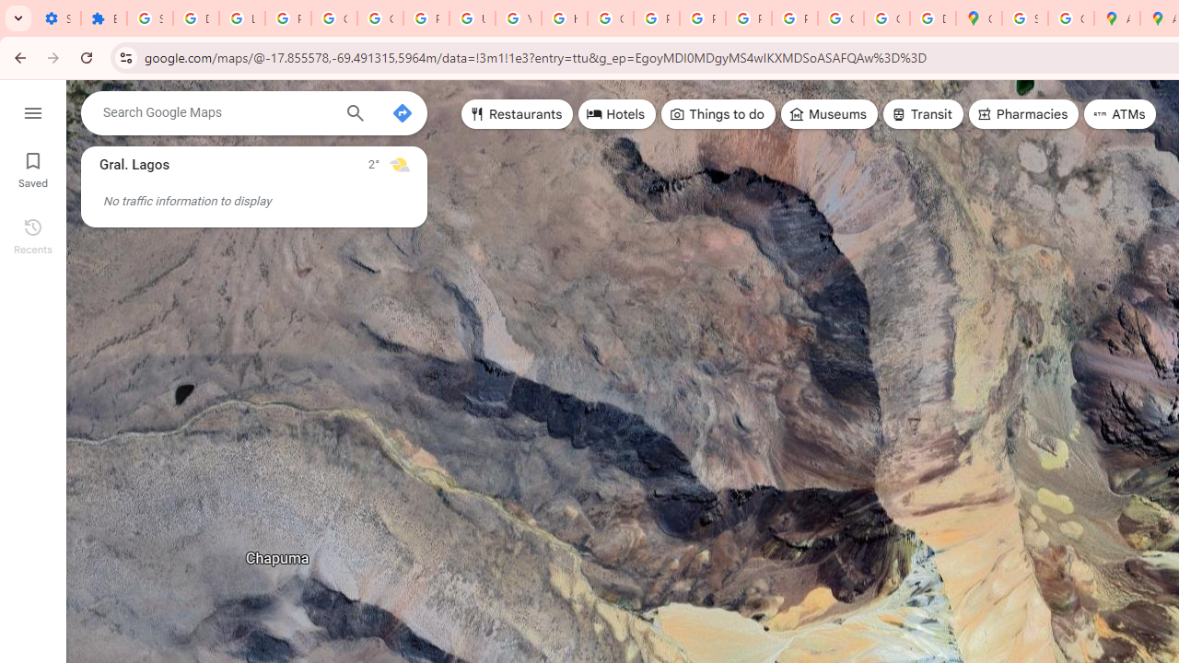 The height and width of the screenshot is (663, 1179). What do you see at coordinates (333, 18) in the screenshot?
I see `'Google Account Help'` at bounding box center [333, 18].